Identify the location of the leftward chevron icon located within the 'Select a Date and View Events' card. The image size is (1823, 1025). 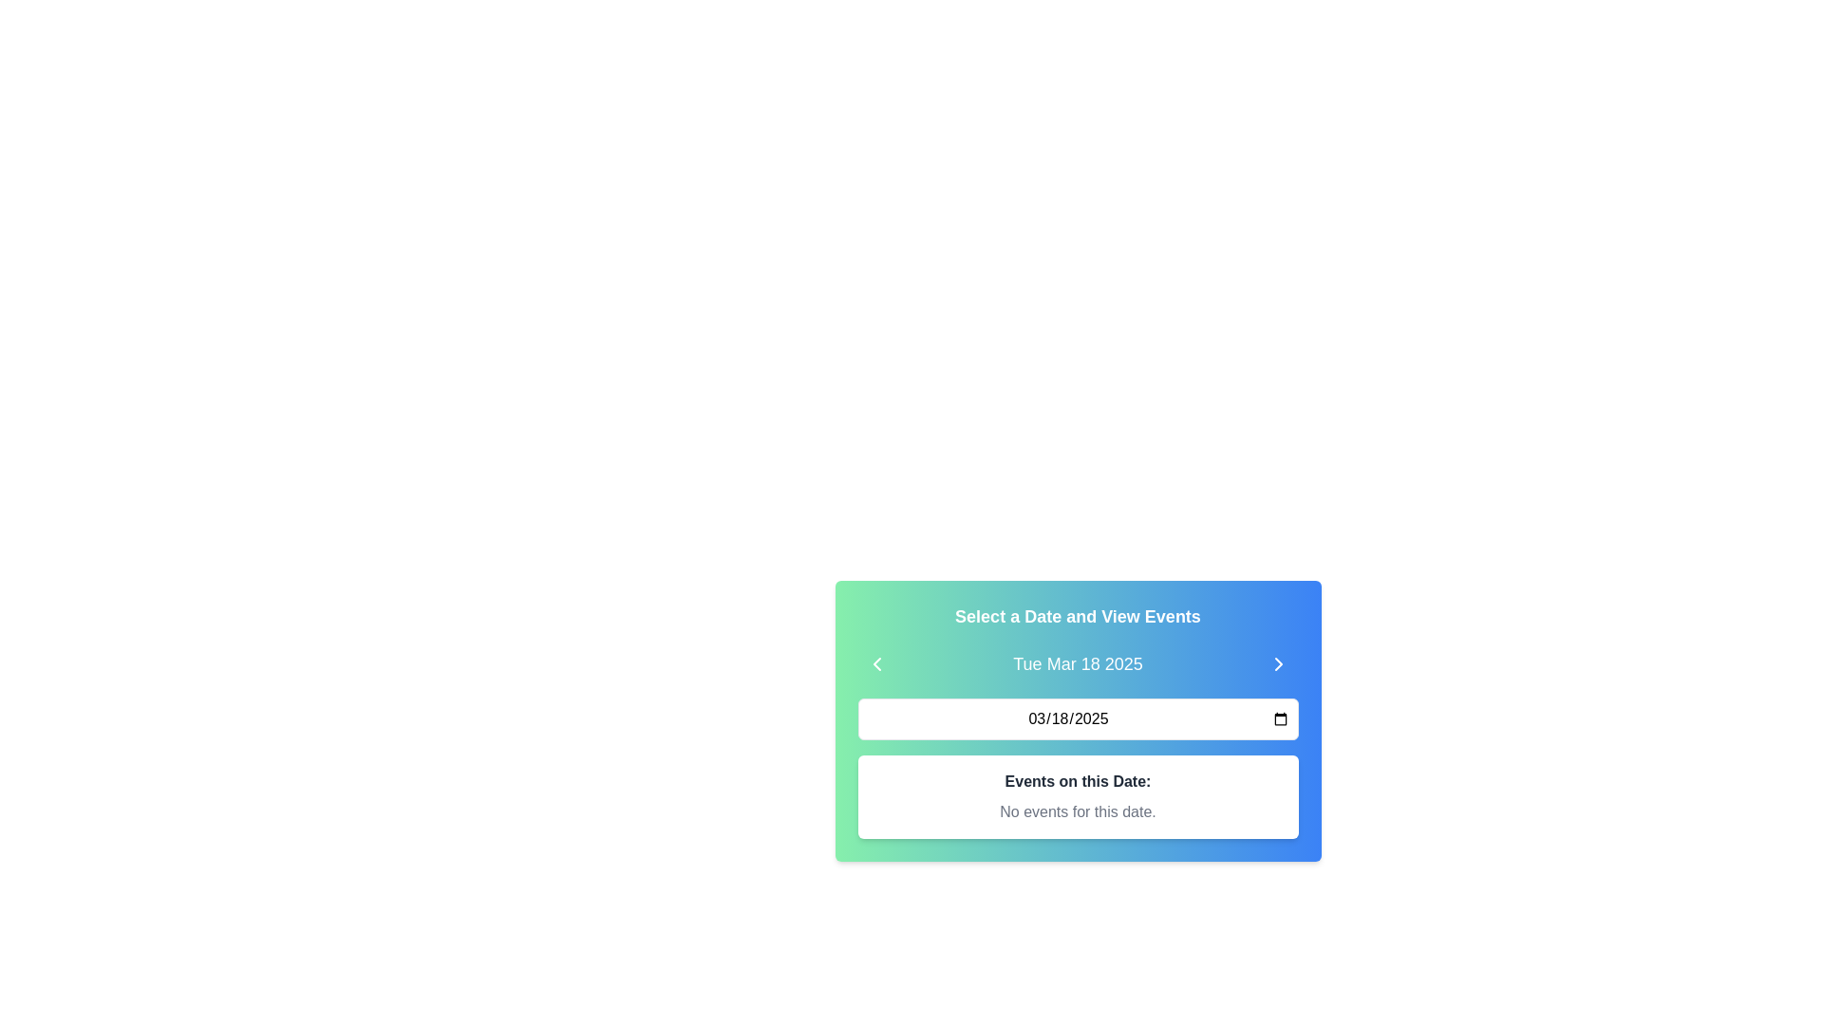
(875, 662).